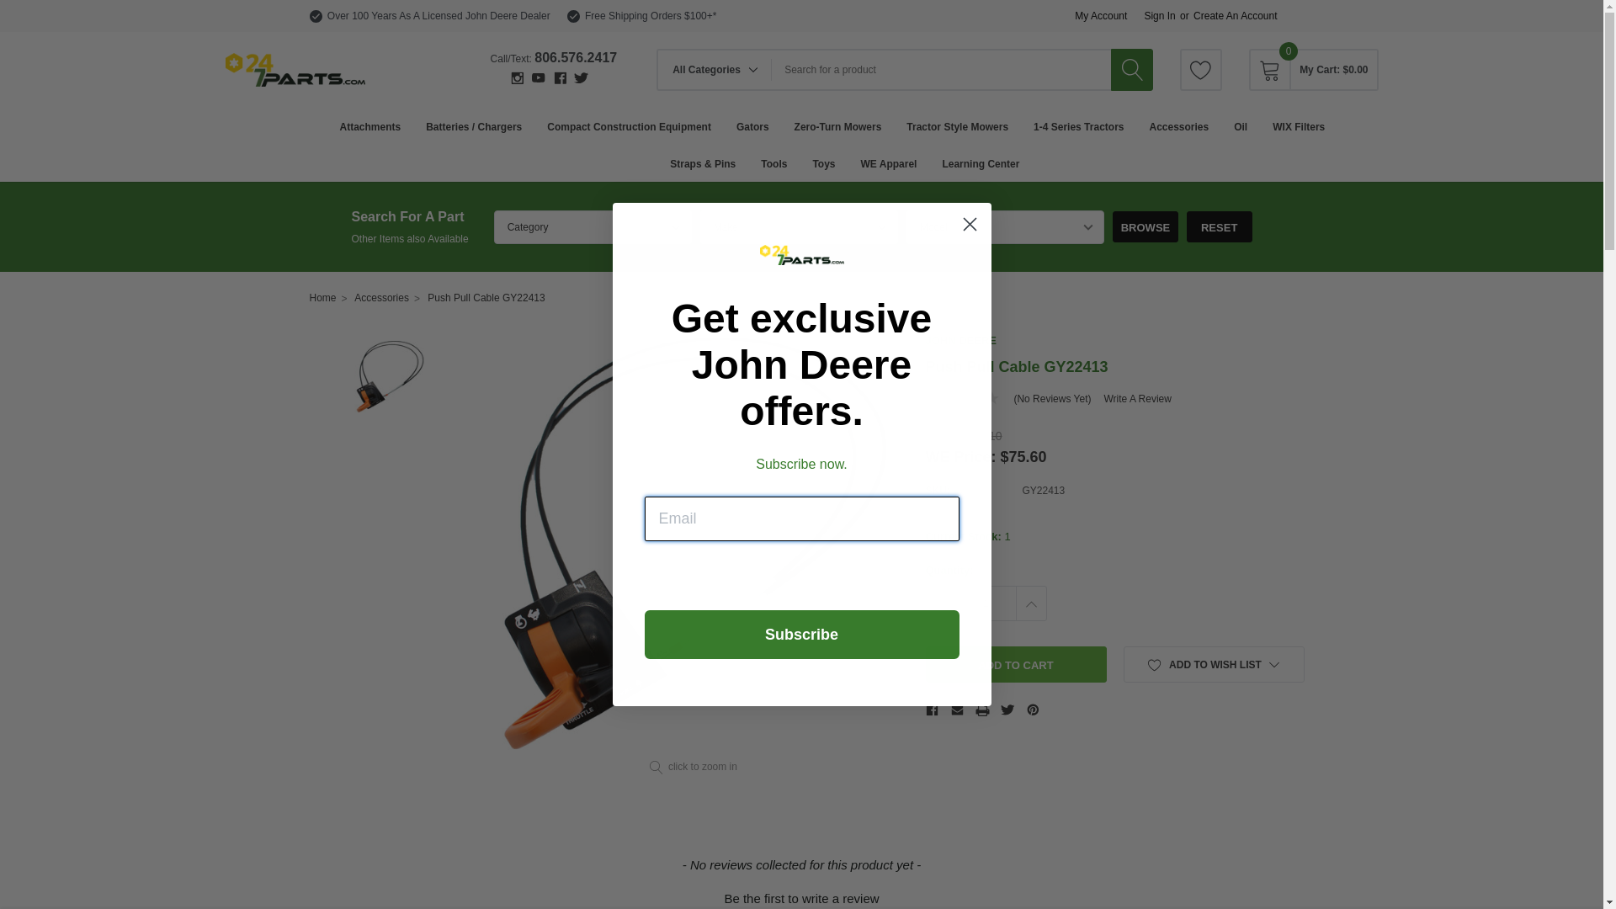 Image resolution: width=1616 pixels, height=909 pixels. Describe the element at coordinates (1145, 226) in the screenshot. I see `'BROWSE'` at that location.